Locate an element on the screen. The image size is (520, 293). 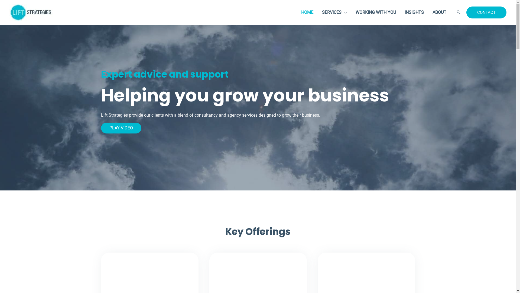
'HOME' is located at coordinates (307, 12).